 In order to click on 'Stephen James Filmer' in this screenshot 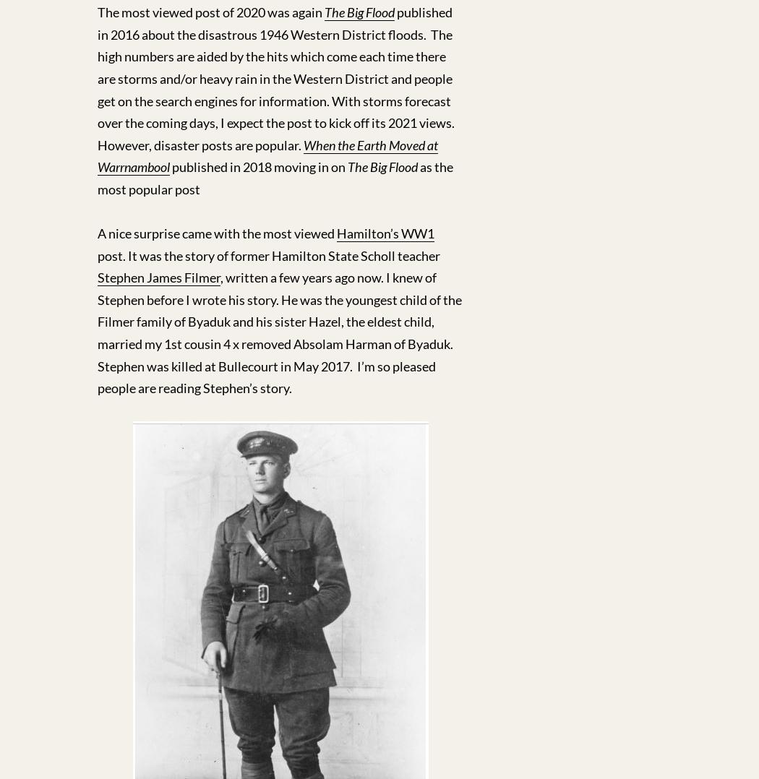, I will do `click(158, 277)`.